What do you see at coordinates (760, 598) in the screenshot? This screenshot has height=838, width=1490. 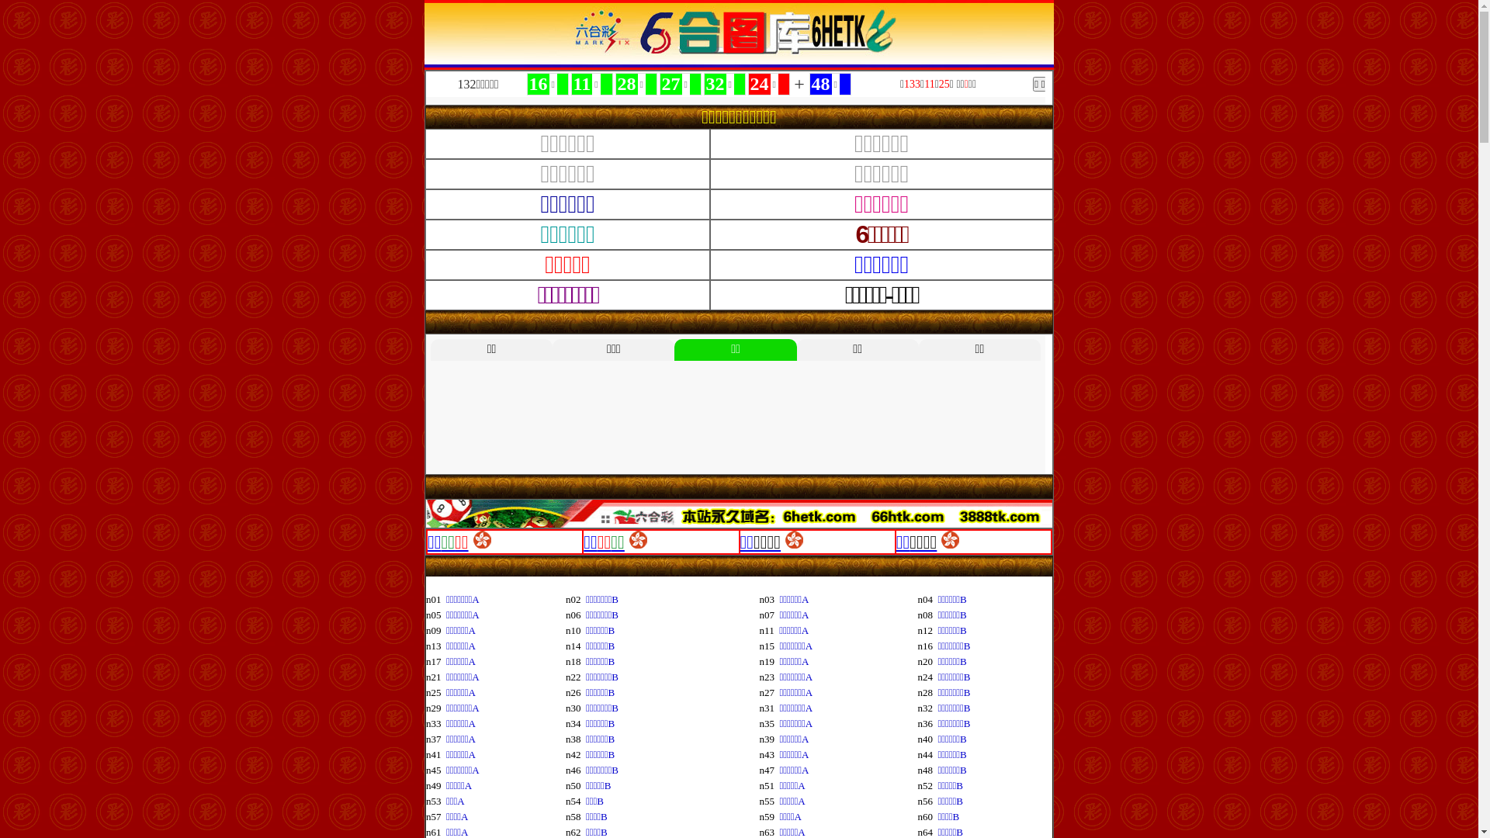 I see `'n03 '` at bounding box center [760, 598].